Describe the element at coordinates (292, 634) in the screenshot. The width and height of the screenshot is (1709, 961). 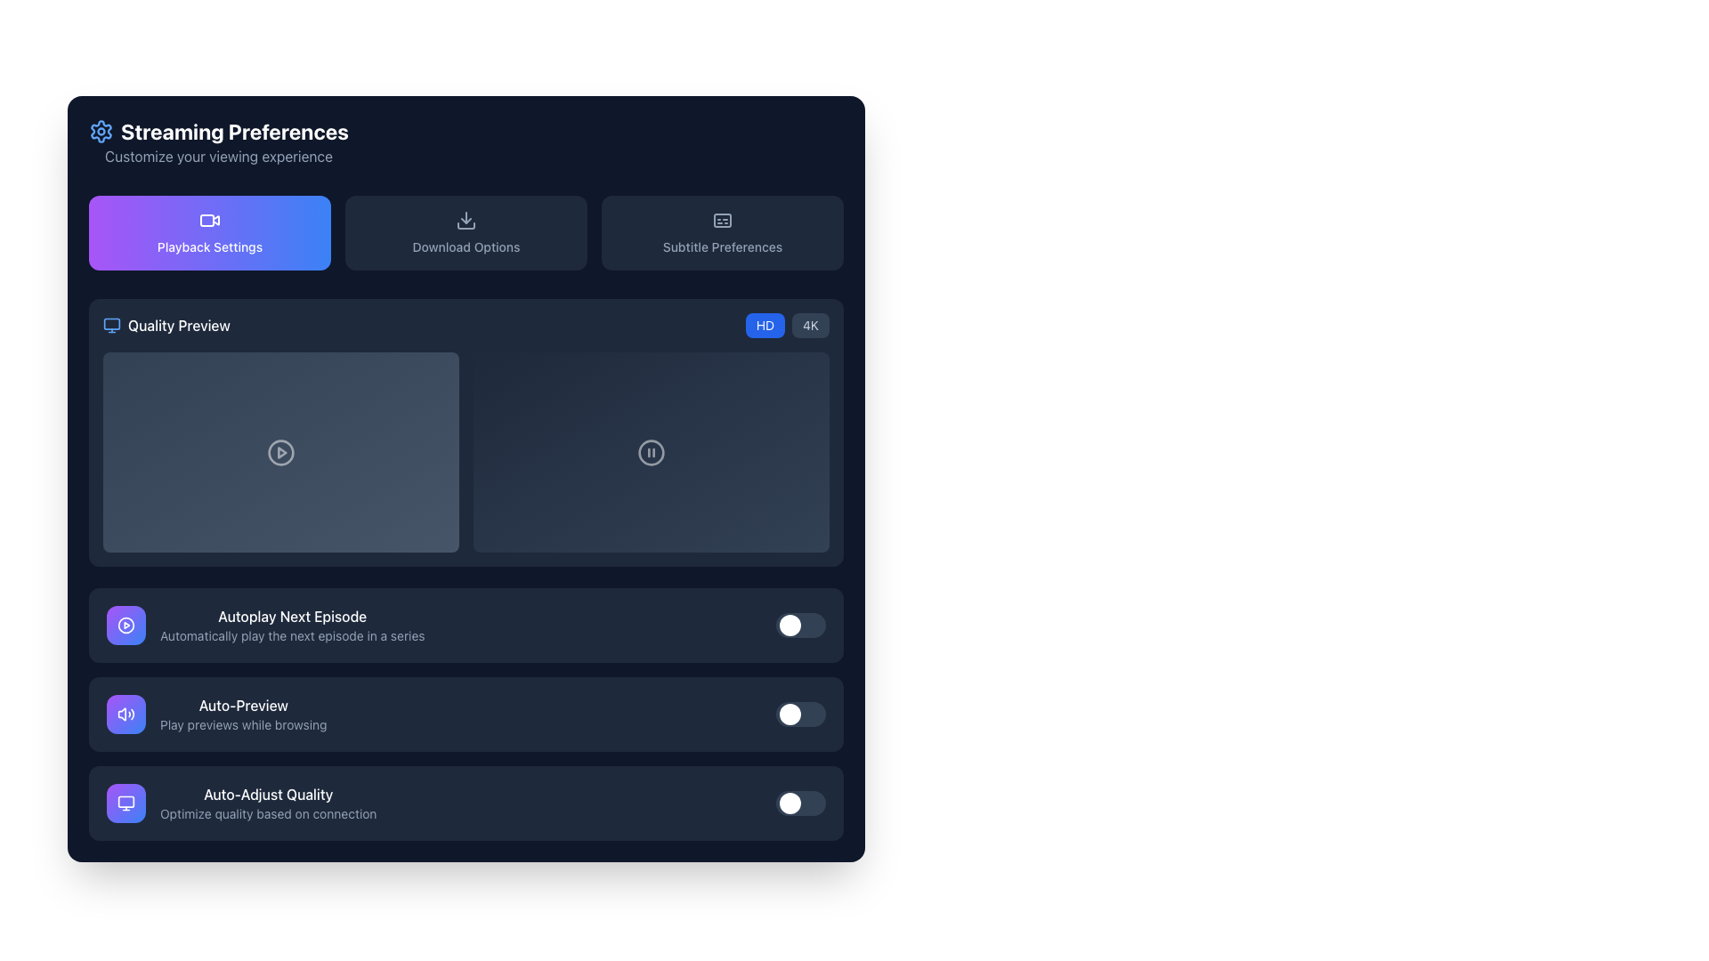
I see `description provided by the Text label that clarifies the 'Autoplay Next Episode' setting, located directly below its title` at that location.